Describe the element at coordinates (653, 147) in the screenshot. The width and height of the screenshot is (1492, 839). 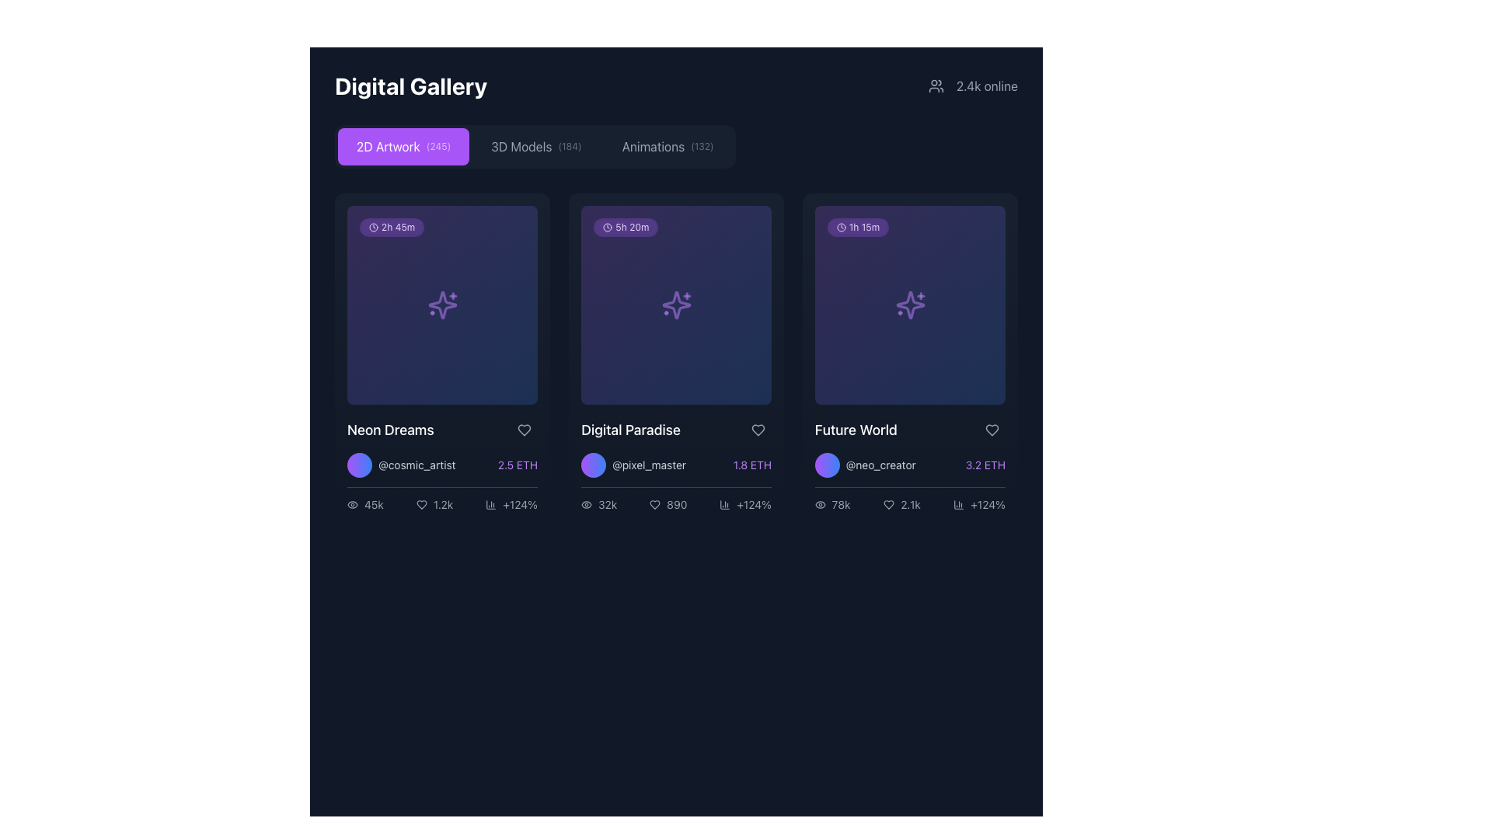
I see `the 'Animations' text label in the top navigation section of the interface, which is styled in dark gray and is the third item from the left` at that location.